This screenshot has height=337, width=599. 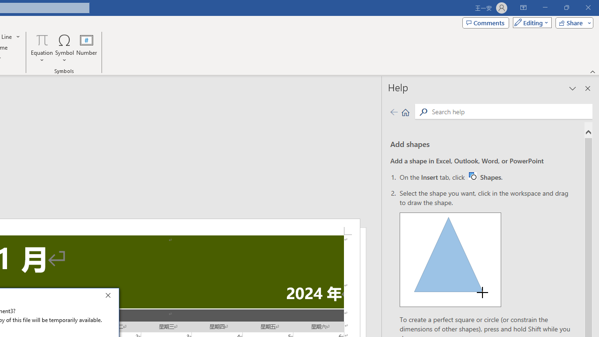 What do you see at coordinates (42, 39) in the screenshot?
I see `'Equation'` at bounding box center [42, 39].